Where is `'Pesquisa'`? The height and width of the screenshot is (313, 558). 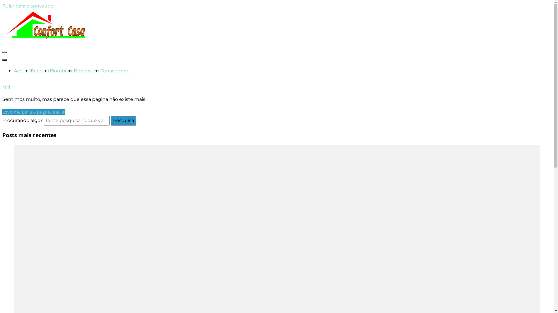 'Pesquisa' is located at coordinates (123, 120).